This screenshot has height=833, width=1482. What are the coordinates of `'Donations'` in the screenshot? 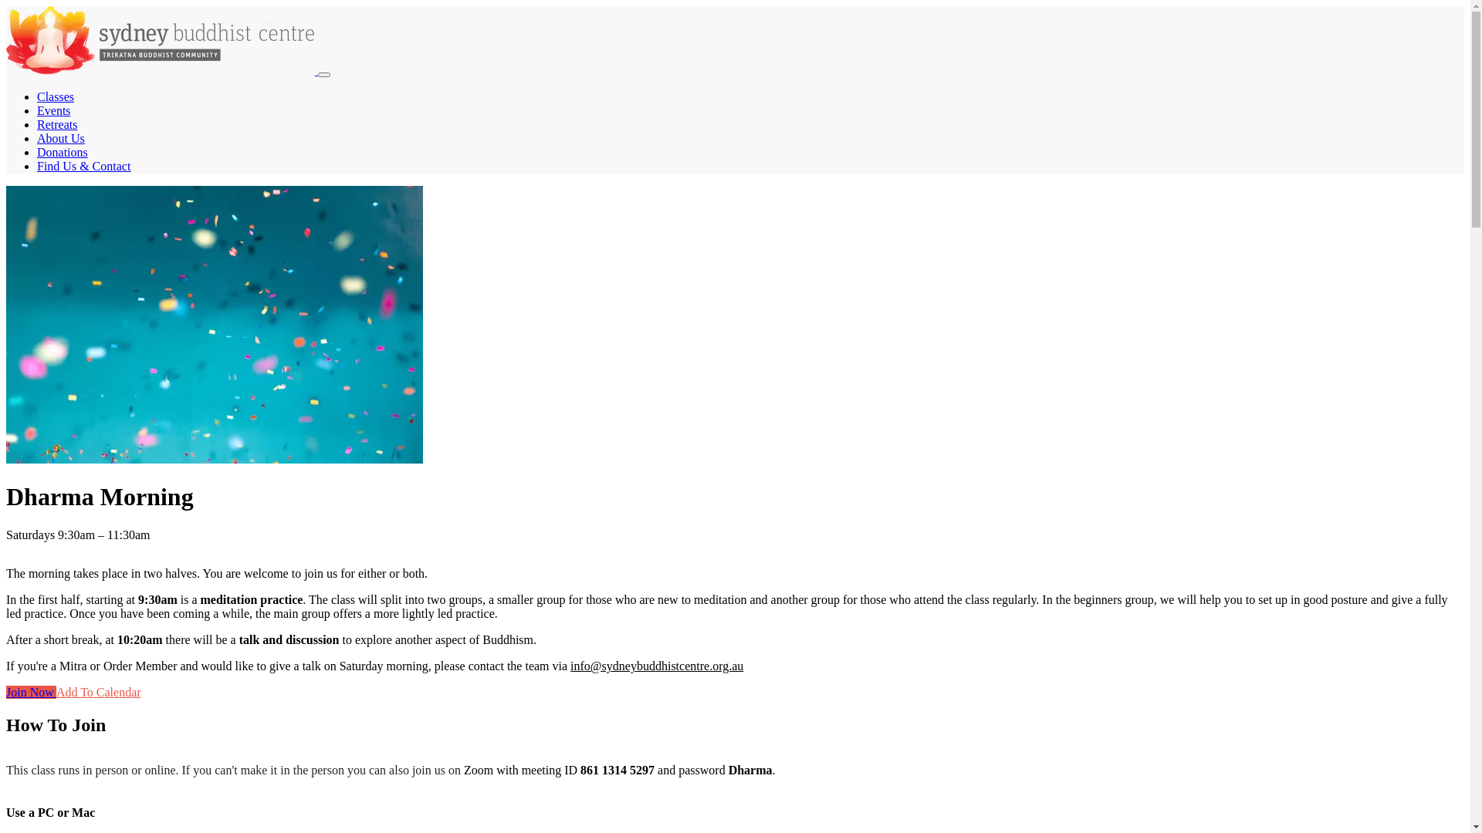 It's located at (62, 152).